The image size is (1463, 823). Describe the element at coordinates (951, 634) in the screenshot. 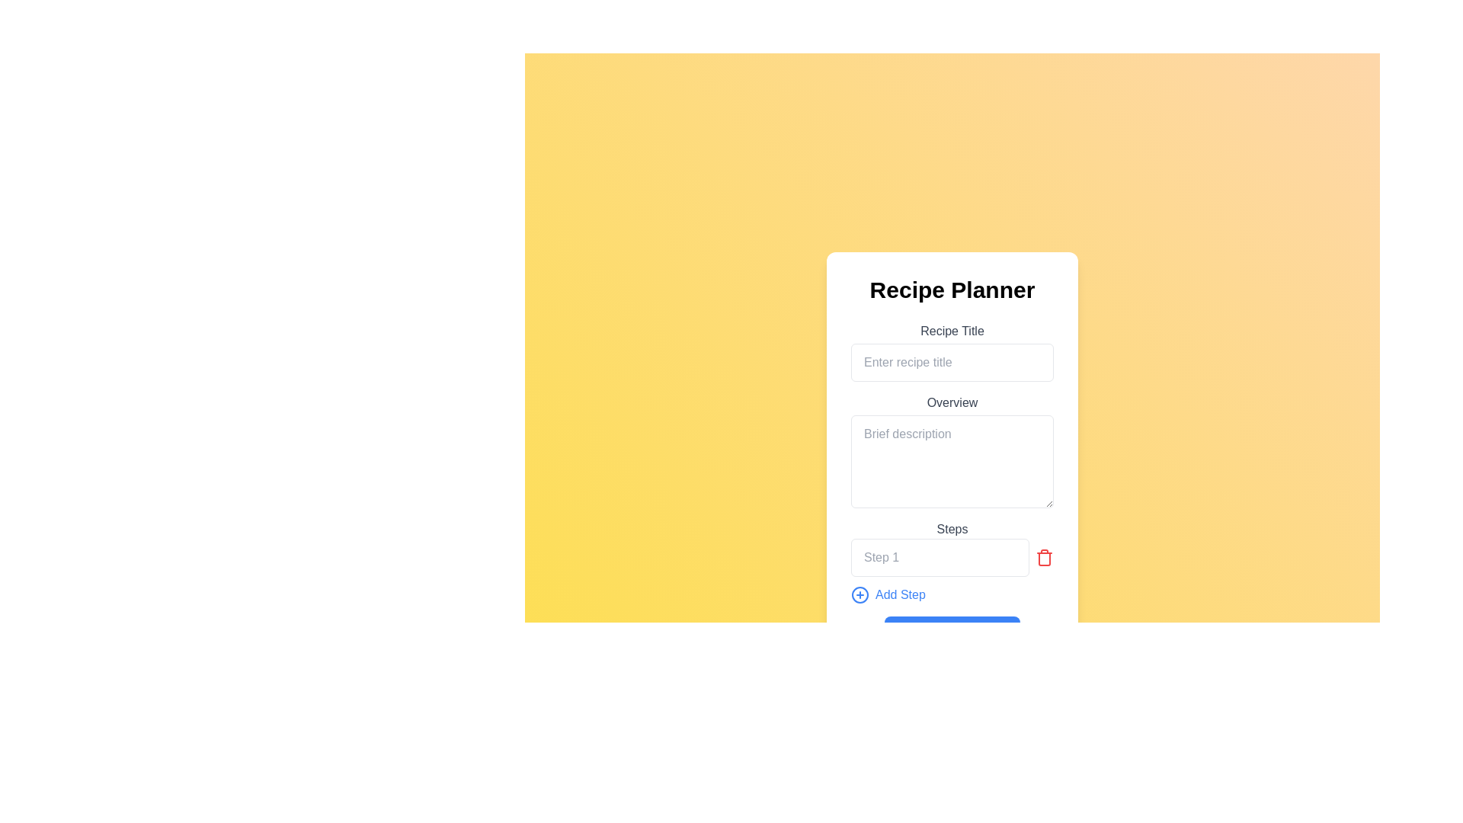

I see `the submit button located at the bottom of the 'Recipe Planner' form` at that location.